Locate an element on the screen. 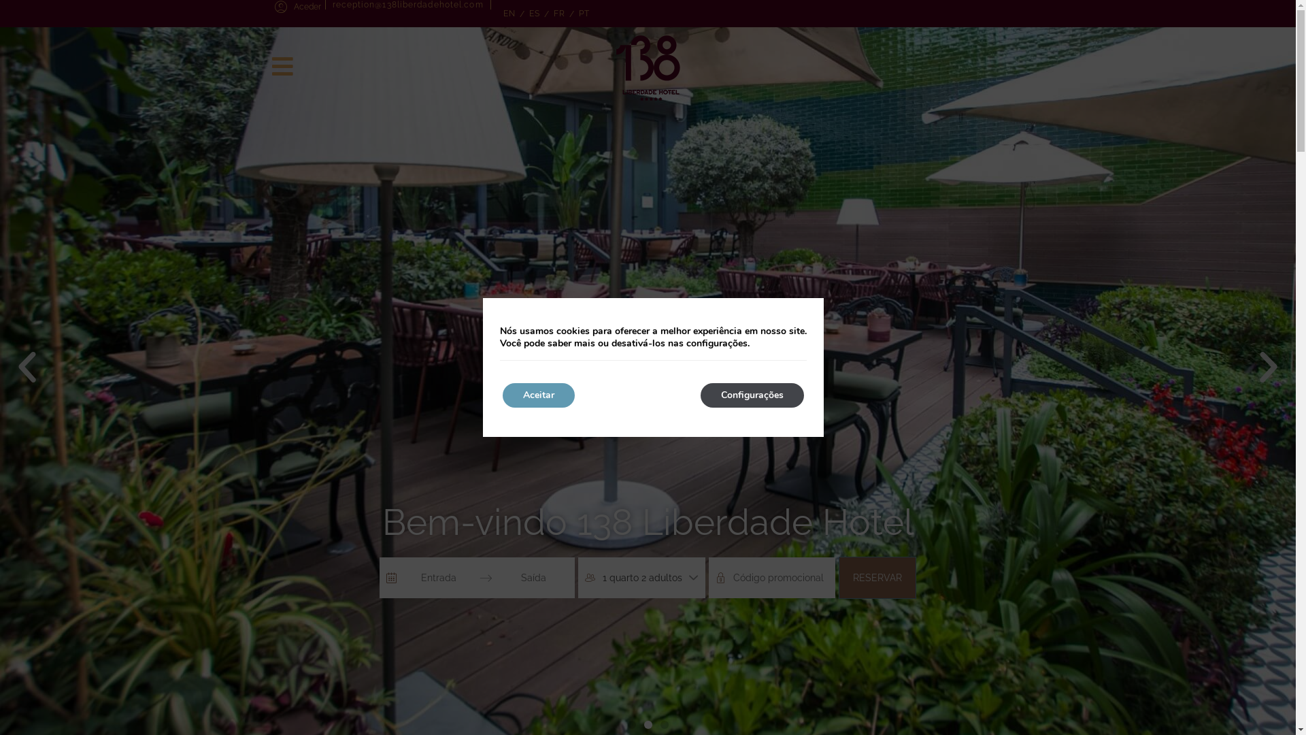  'EN' is located at coordinates (495, 13).